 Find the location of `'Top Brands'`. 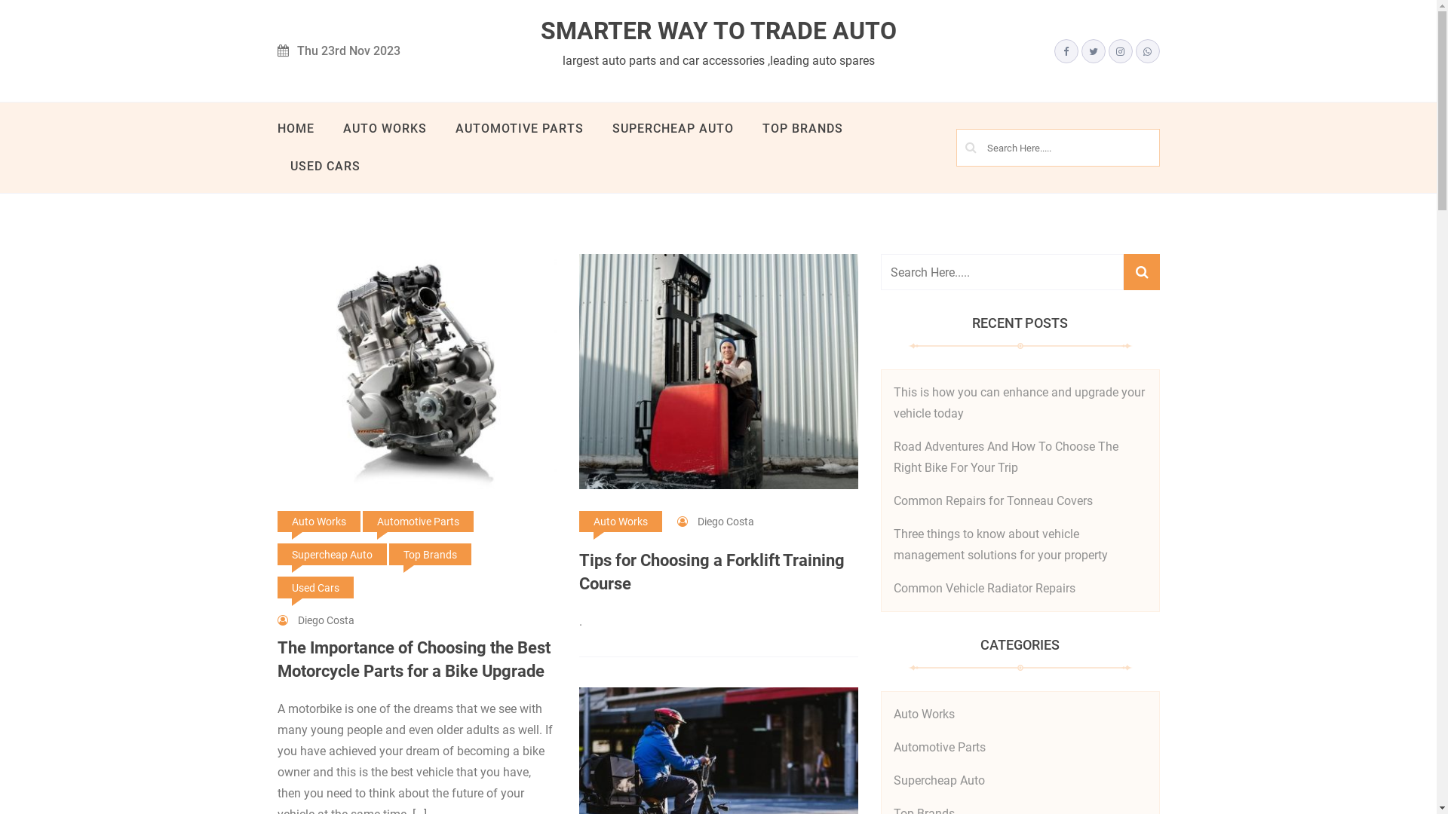

'Top Brands' is located at coordinates (429, 554).